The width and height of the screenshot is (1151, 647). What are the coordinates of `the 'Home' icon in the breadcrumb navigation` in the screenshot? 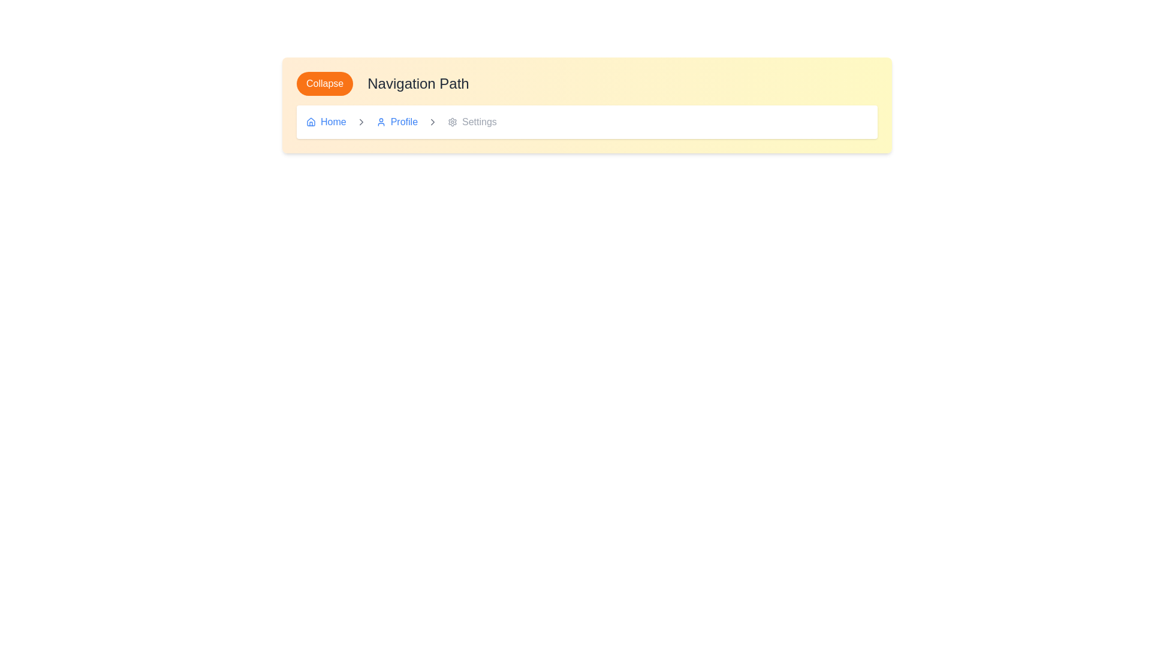 It's located at (311, 122).